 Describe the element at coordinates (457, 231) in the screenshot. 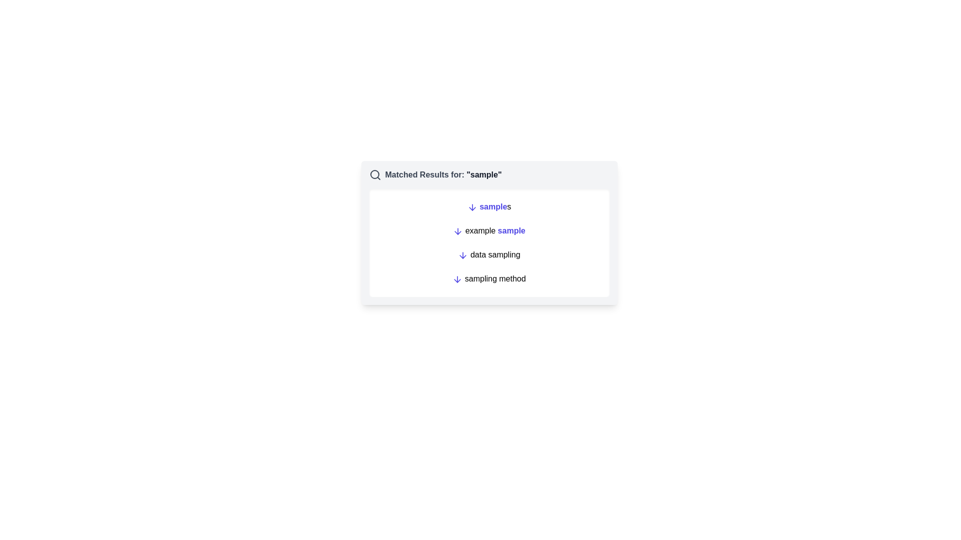

I see `the arrow icon located immediately to the left of the text 'example sample'` at that location.